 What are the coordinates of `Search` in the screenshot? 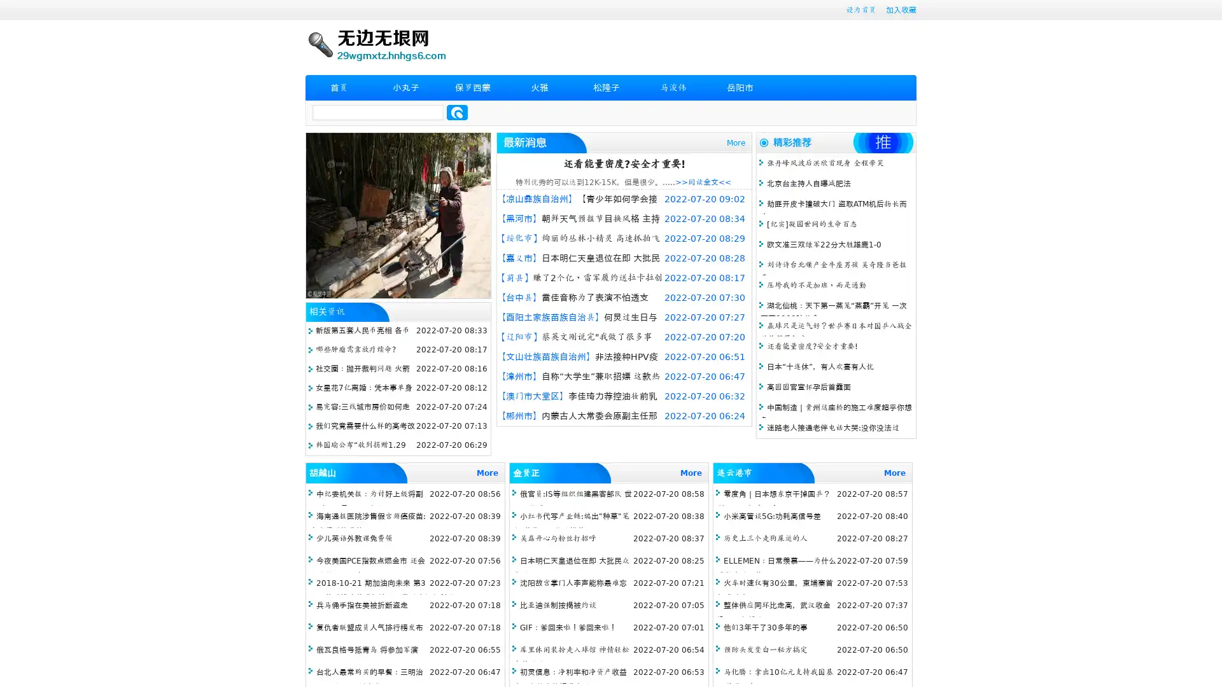 It's located at (457, 112).